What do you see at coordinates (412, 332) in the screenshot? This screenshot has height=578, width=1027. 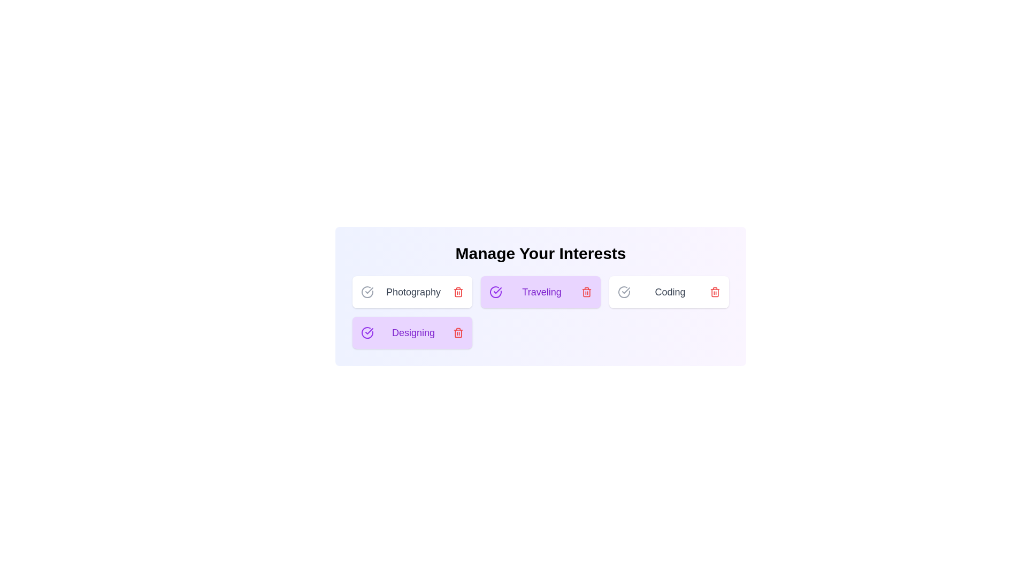 I see `the chip labeled Designing` at bounding box center [412, 332].